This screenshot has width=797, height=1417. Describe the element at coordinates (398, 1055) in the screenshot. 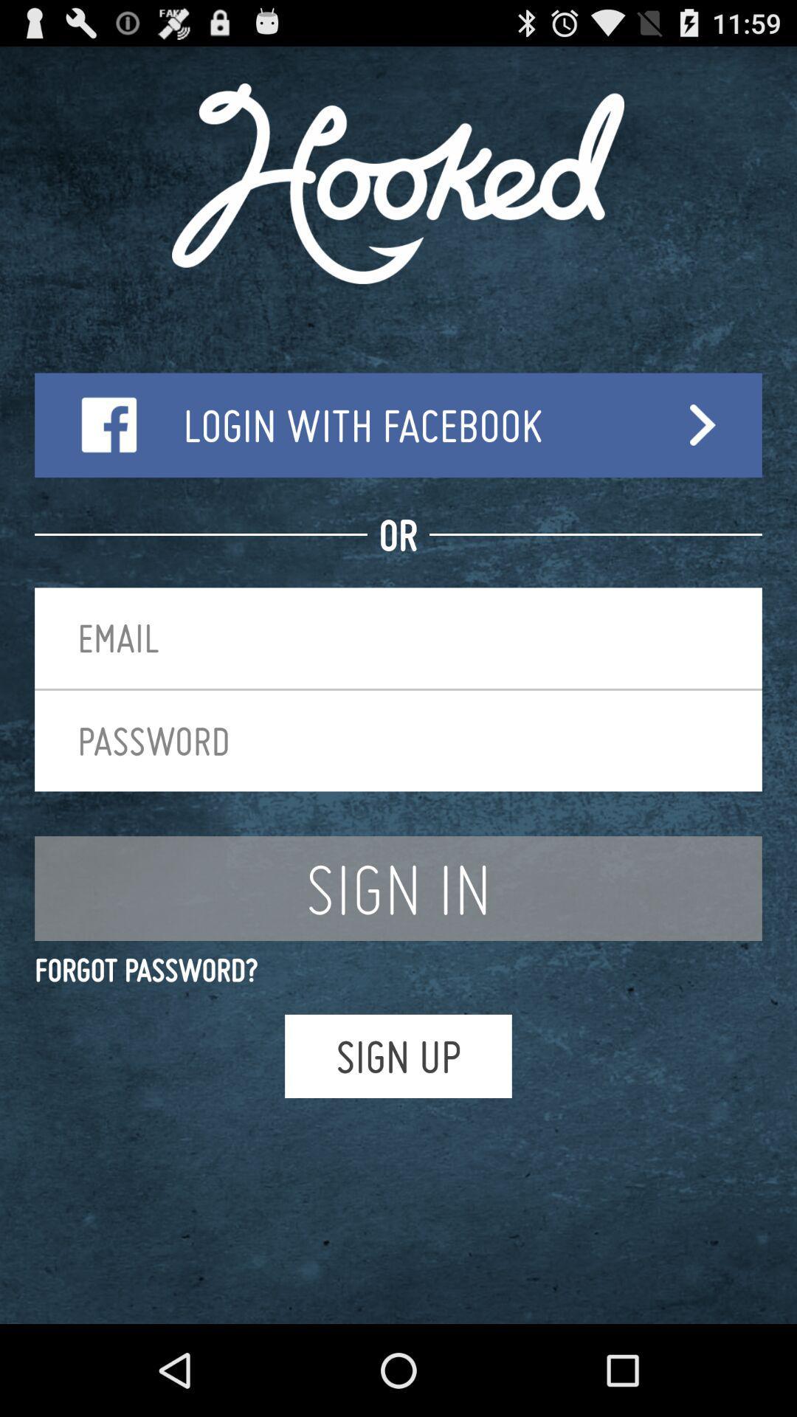

I see `app below forgot password?` at that location.